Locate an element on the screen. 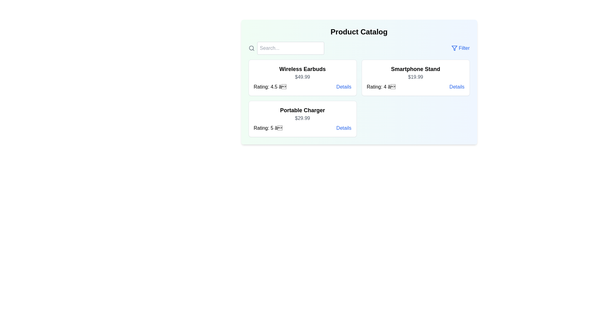 Image resolution: width=590 pixels, height=332 pixels. the 'Details' link for the product titled Portable Charger is located at coordinates (343, 128).